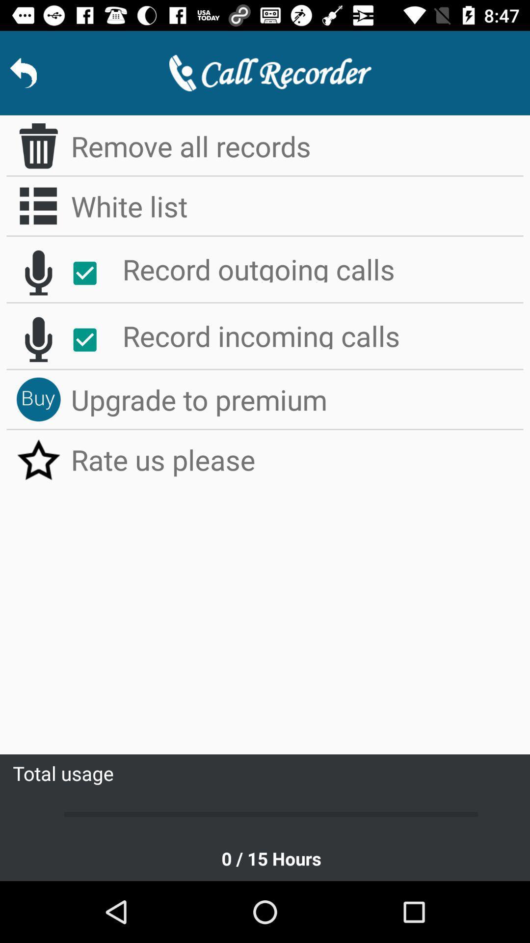 The height and width of the screenshot is (943, 530). I want to click on delete, so click(38, 145).